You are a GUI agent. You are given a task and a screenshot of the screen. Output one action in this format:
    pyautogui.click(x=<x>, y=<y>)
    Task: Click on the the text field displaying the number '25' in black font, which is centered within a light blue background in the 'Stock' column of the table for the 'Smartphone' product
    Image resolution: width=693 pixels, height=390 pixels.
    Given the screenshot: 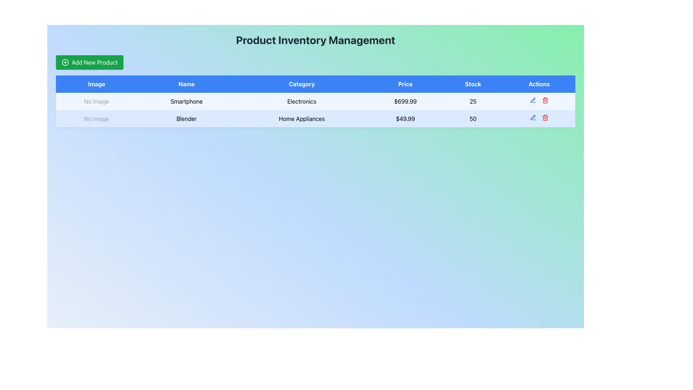 What is the action you would take?
    pyautogui.click(x=473, y=101)
    